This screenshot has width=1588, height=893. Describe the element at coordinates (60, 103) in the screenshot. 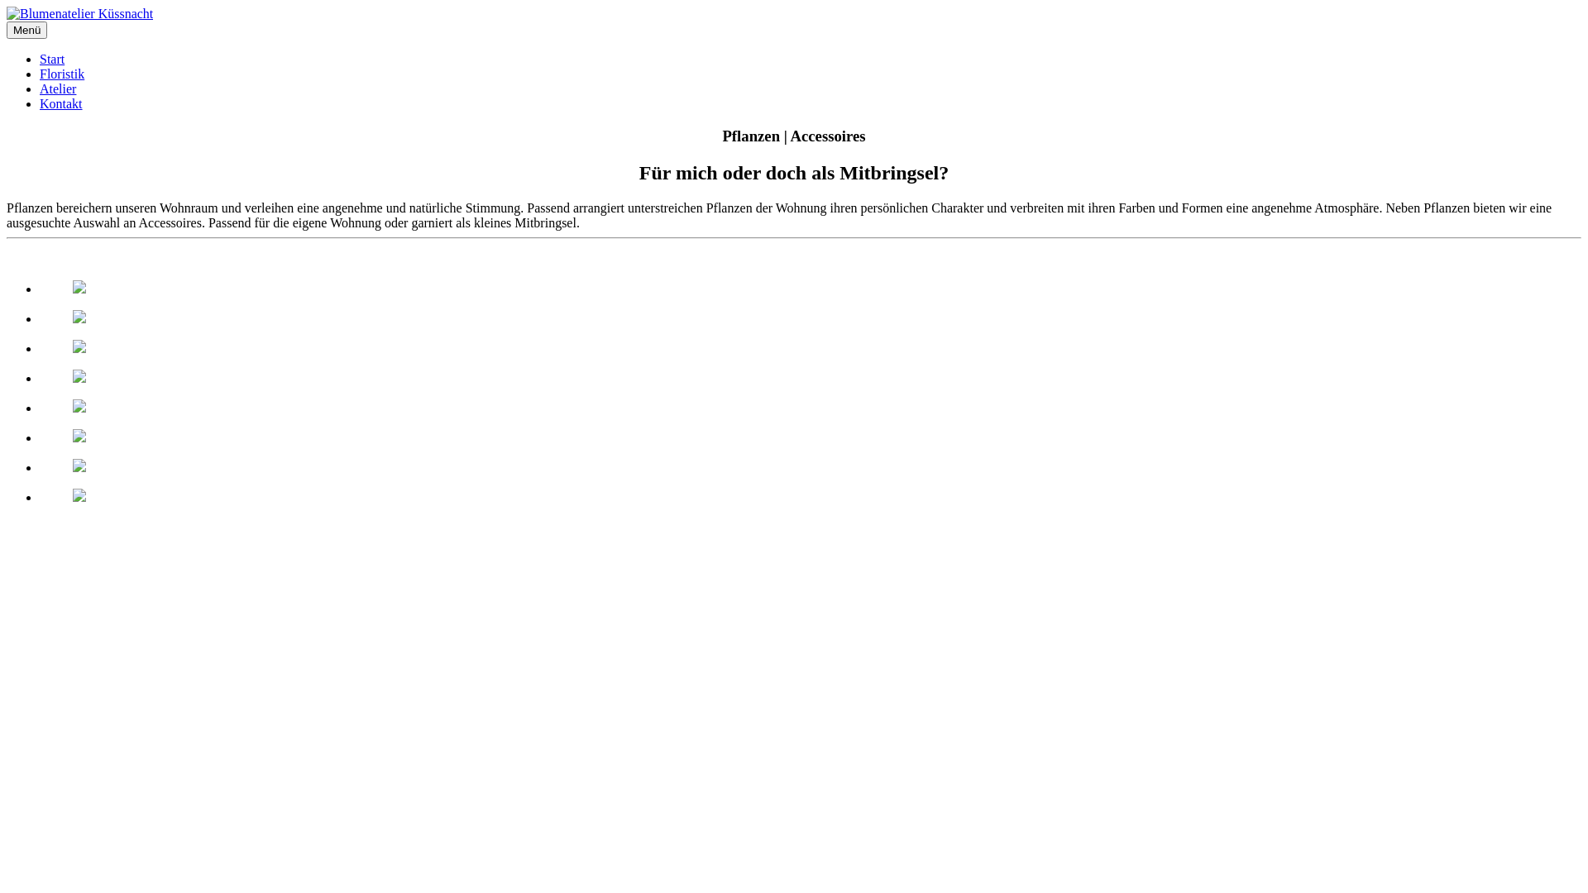

I see `'Kontakt'` at that location.